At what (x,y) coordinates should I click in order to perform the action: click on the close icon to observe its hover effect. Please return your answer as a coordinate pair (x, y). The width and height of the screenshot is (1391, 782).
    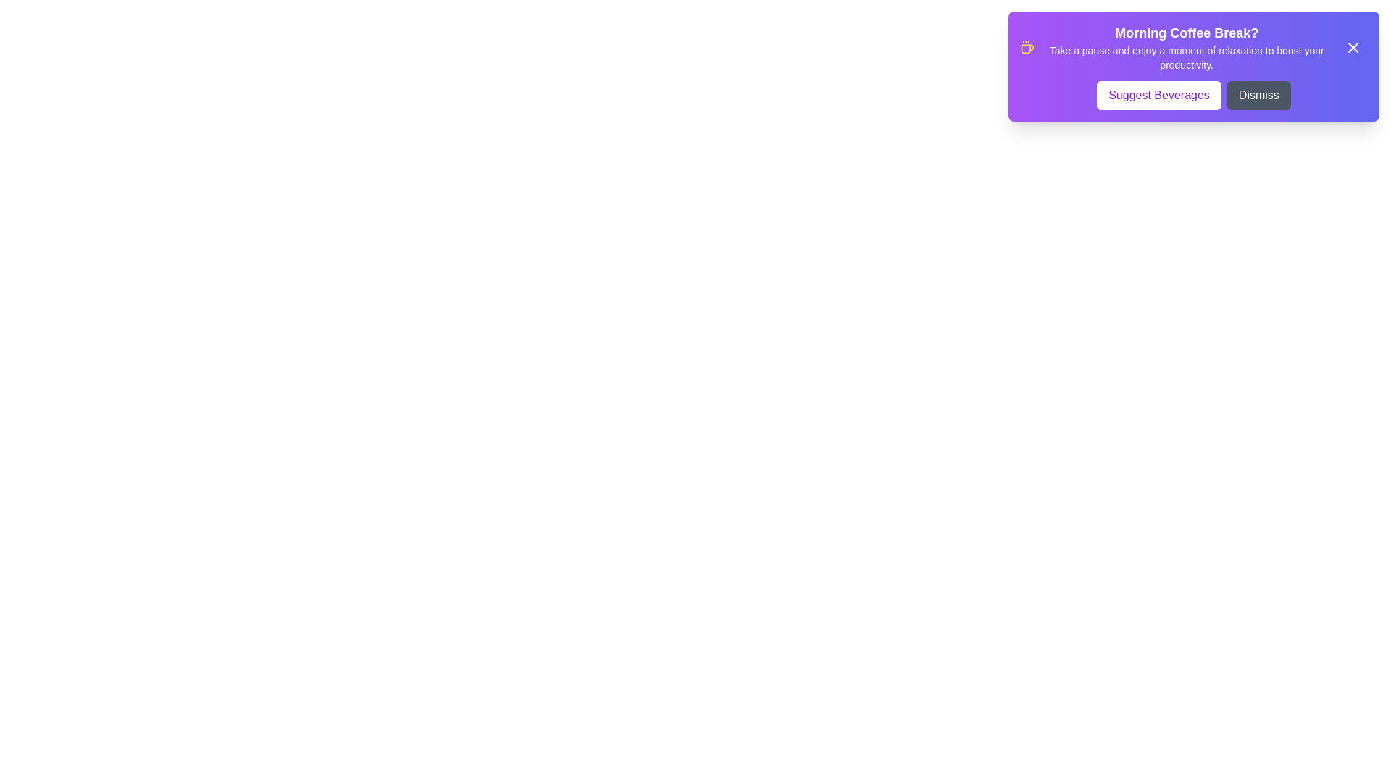
    Looking at the image, I should click on (1352, 46).